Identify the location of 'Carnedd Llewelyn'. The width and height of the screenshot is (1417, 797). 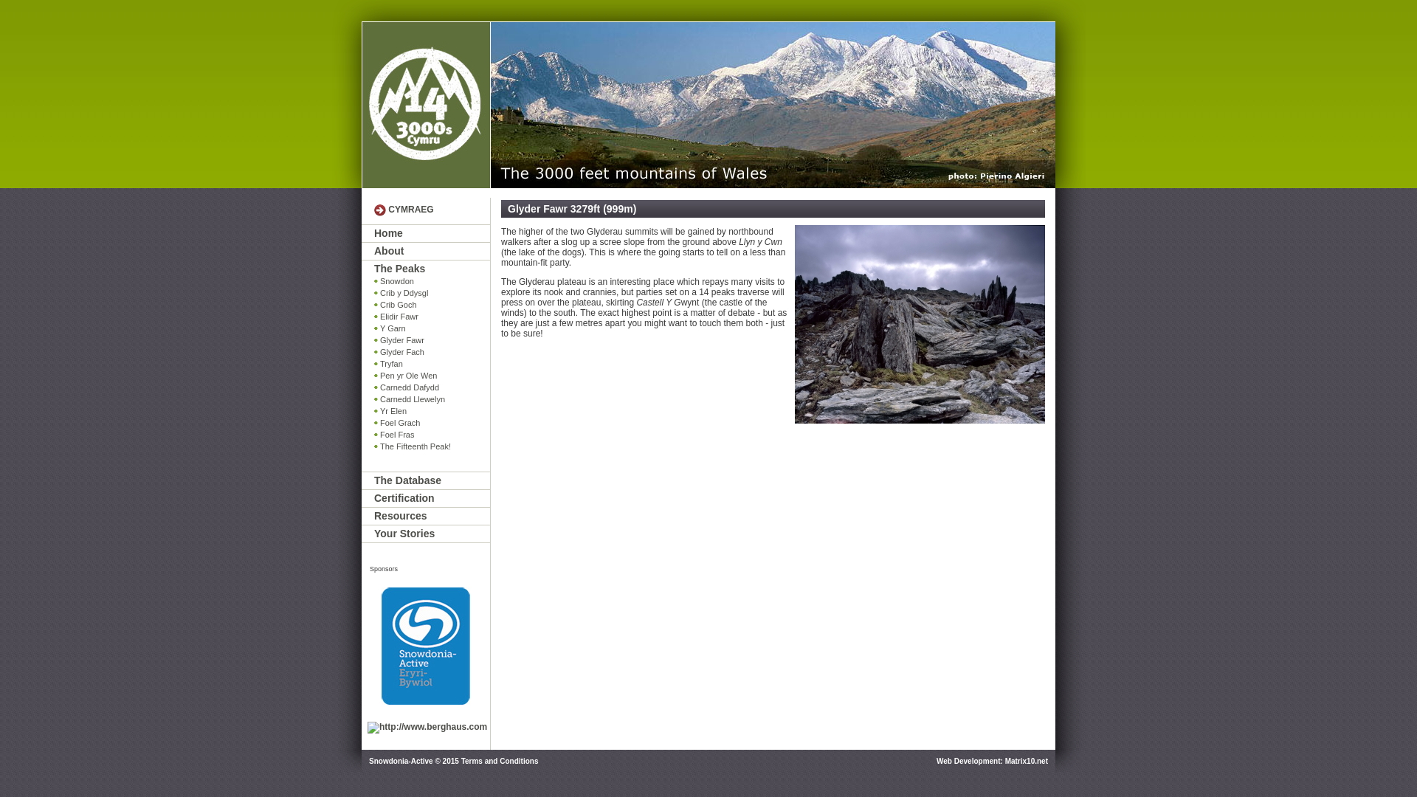
(431, 399).